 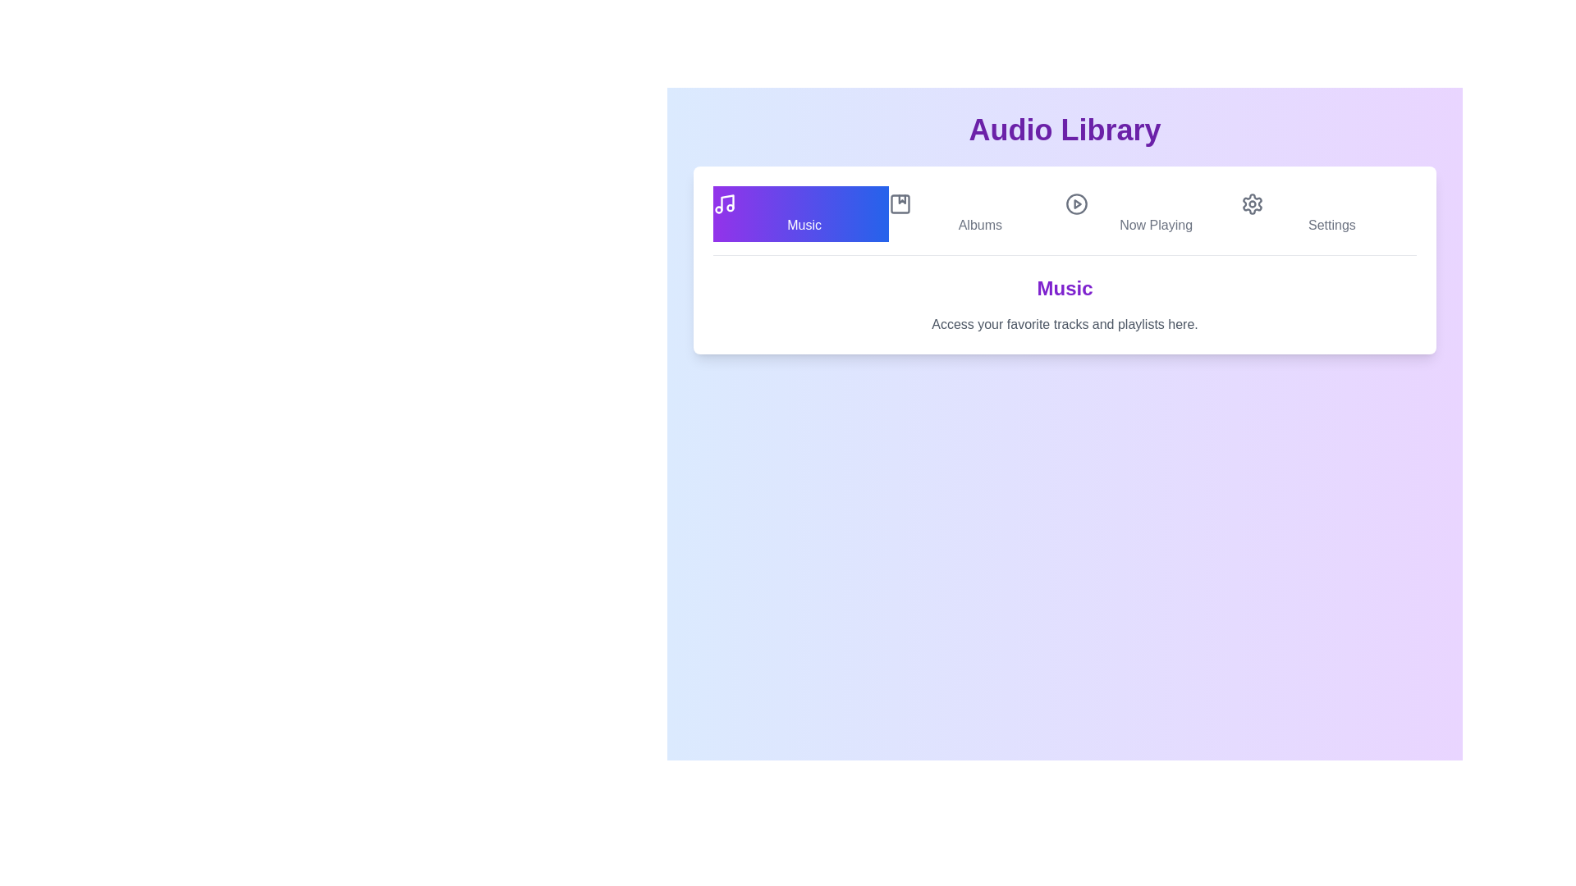 What do you see at coordinates (980, 224) in the screenshot?
I see `the 'Albums' text label within the navigation bar` at bounding box center [980, 224].